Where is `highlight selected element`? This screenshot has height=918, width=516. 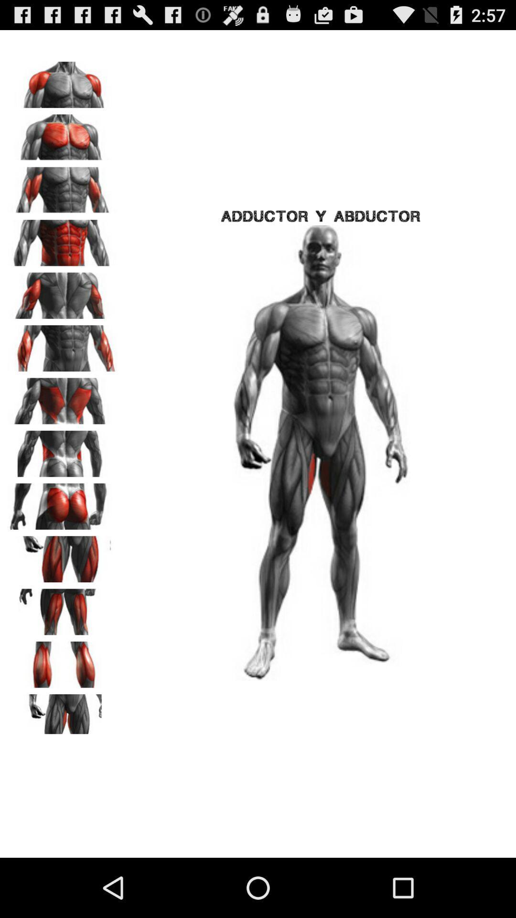 highlight selected element is located at coordinates (63, 661).